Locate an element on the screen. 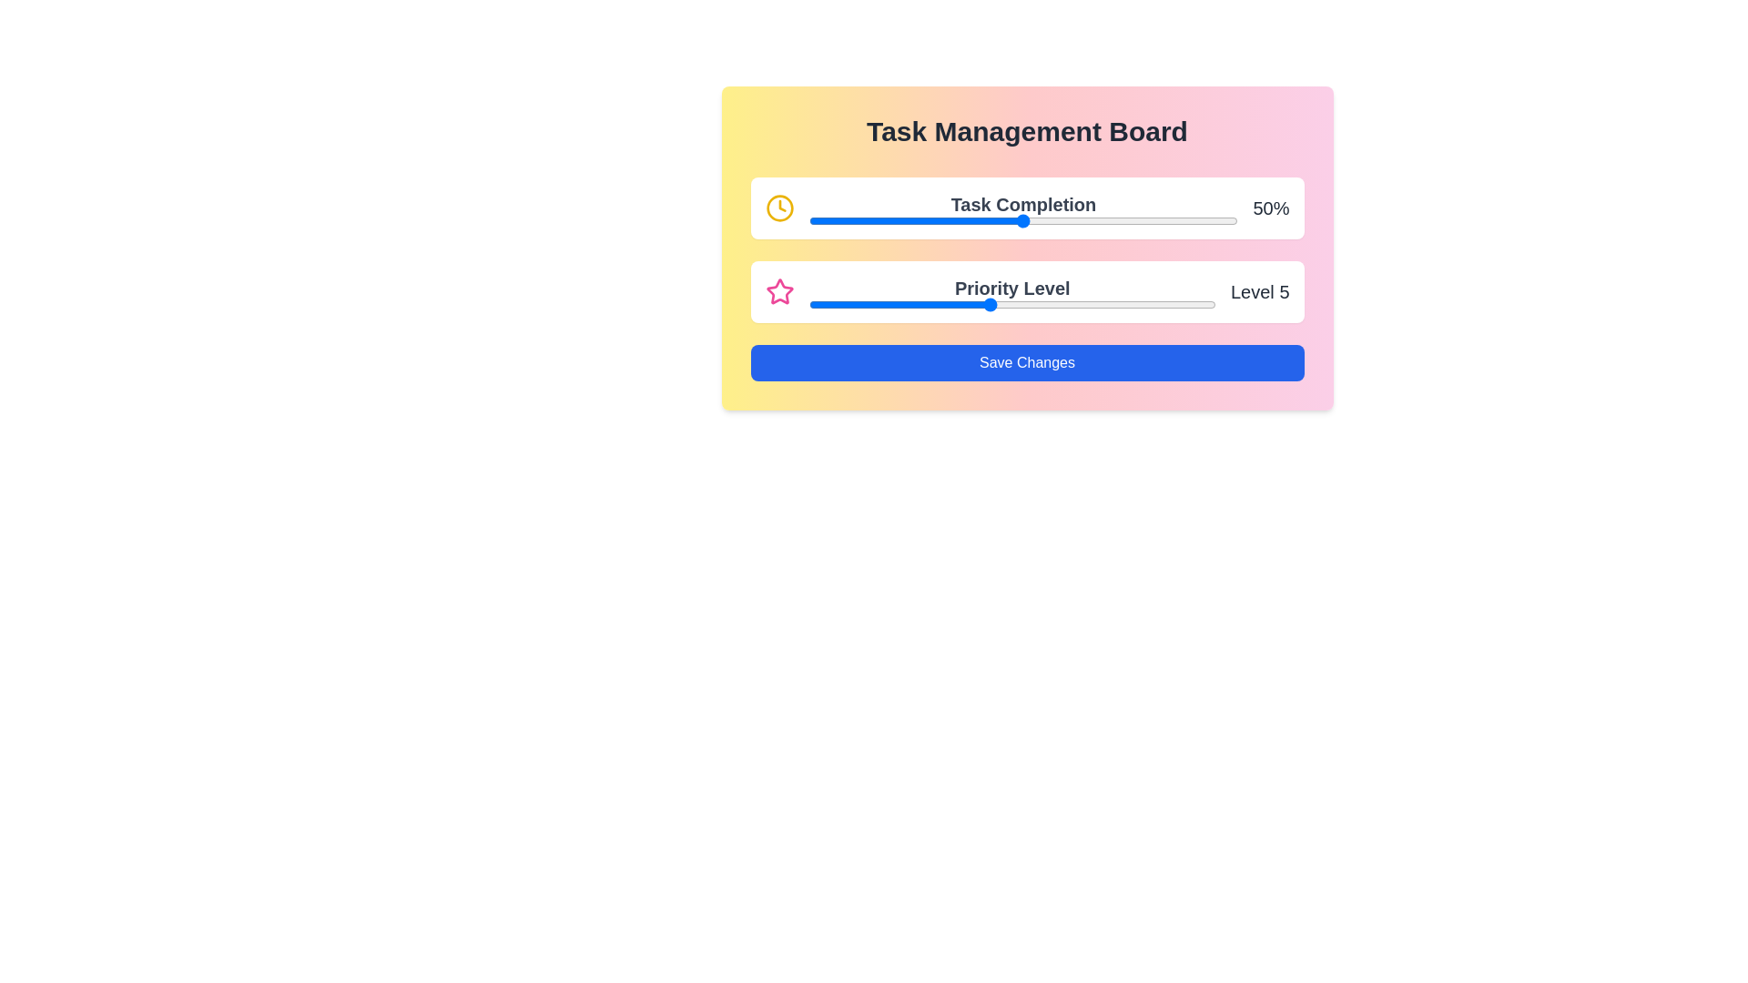  task completion percentage is located at coordinates (1036, 220).